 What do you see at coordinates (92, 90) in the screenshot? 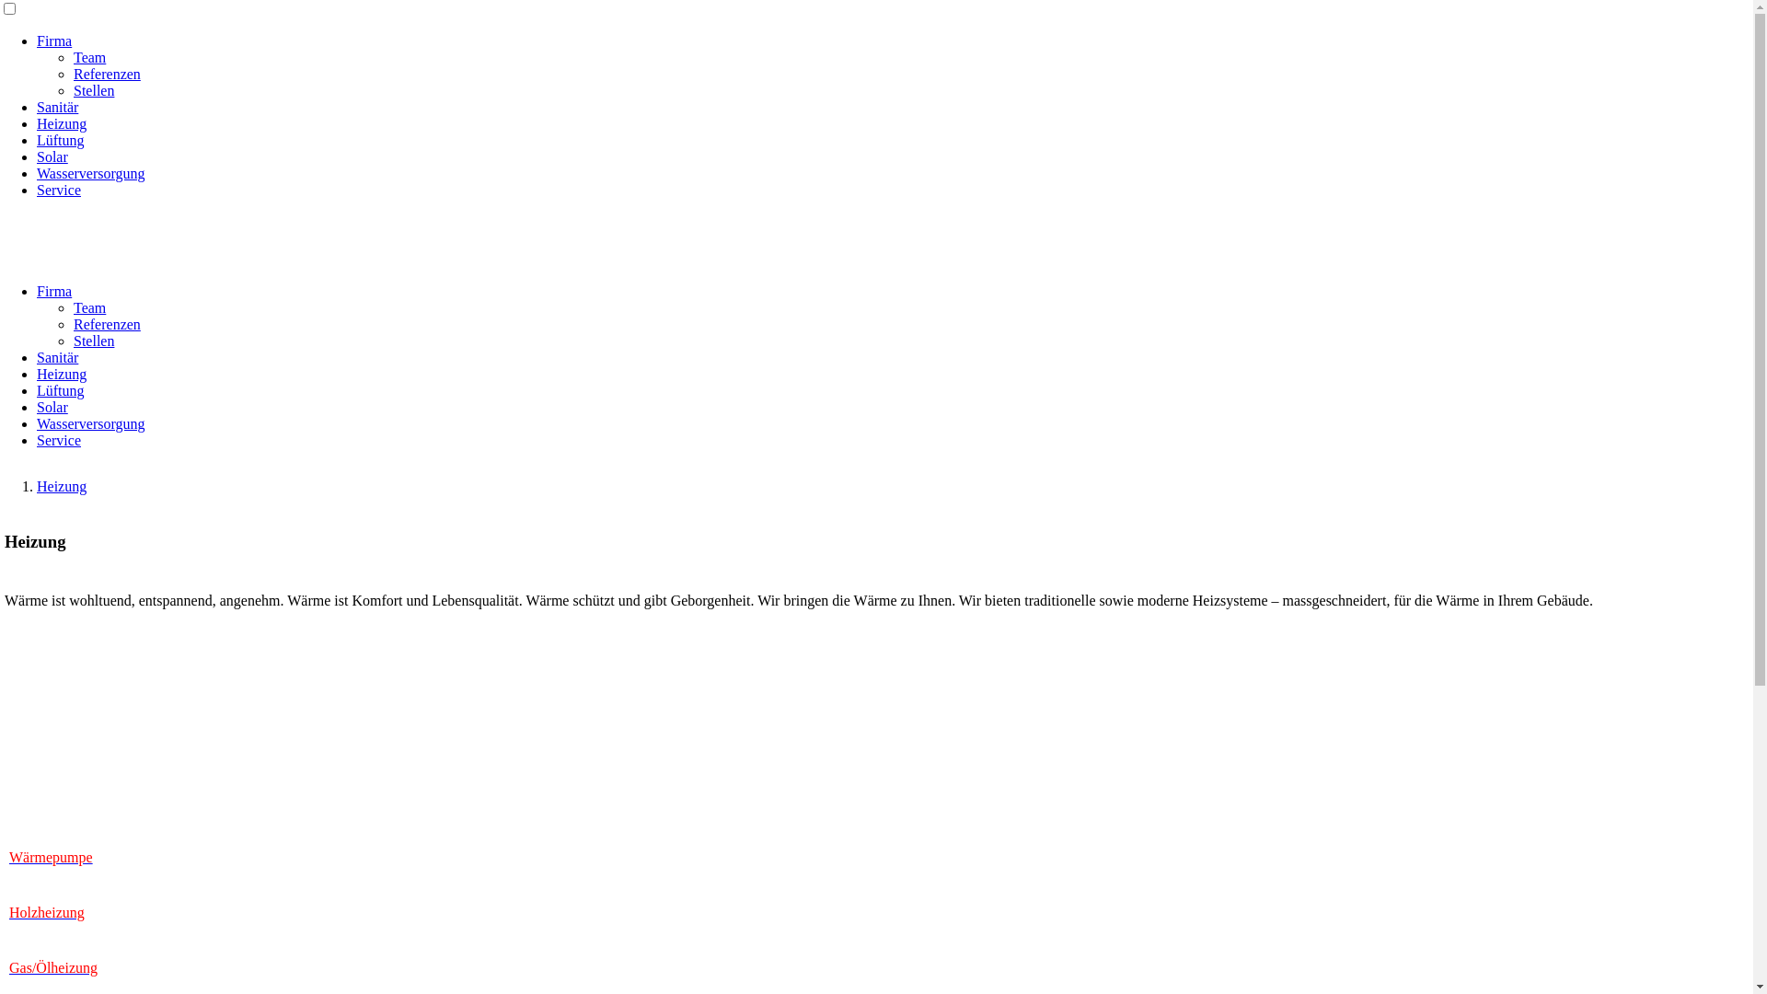
I see `'Stellen'` at bounding box center [92, 90].